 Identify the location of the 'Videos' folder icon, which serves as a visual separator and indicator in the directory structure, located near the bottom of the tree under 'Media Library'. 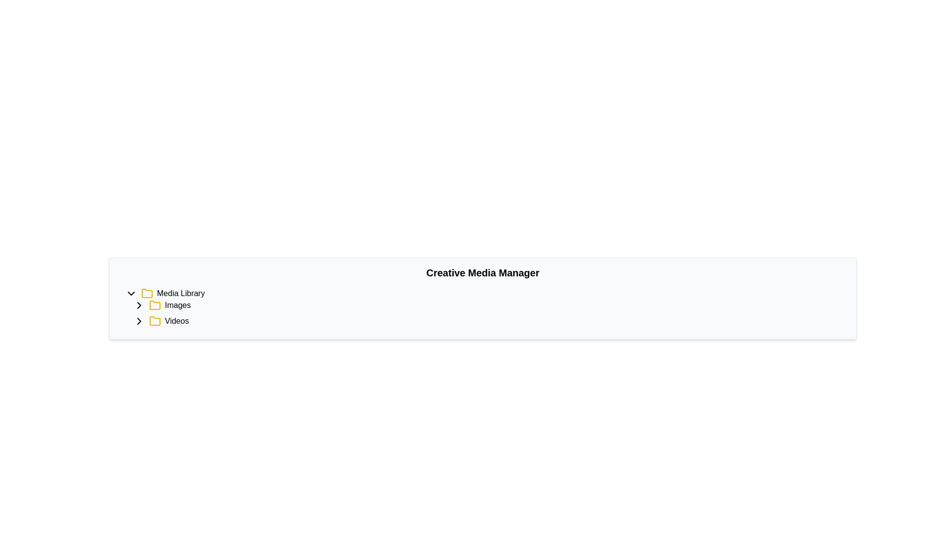
(154, 321).